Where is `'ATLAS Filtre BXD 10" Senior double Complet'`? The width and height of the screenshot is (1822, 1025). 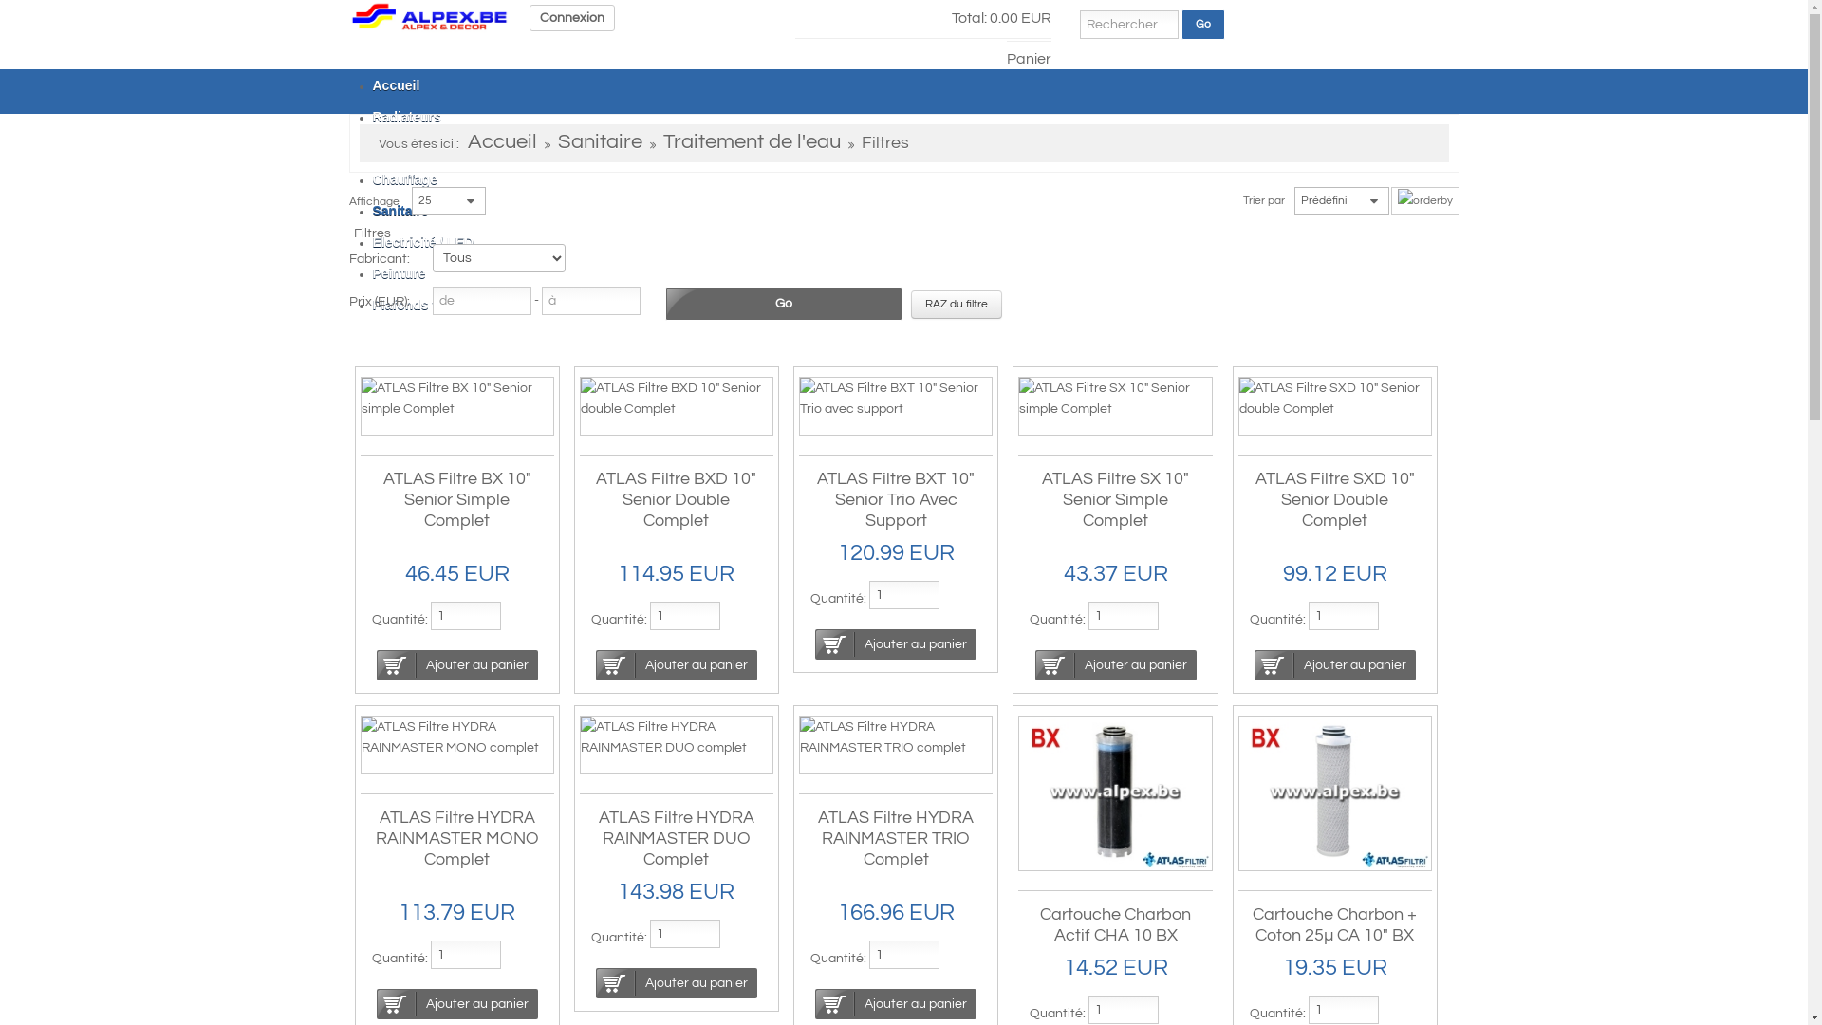
'ATLAS Filtre BXD 10" Senior double Complet' is located at coordinates (677, 398).